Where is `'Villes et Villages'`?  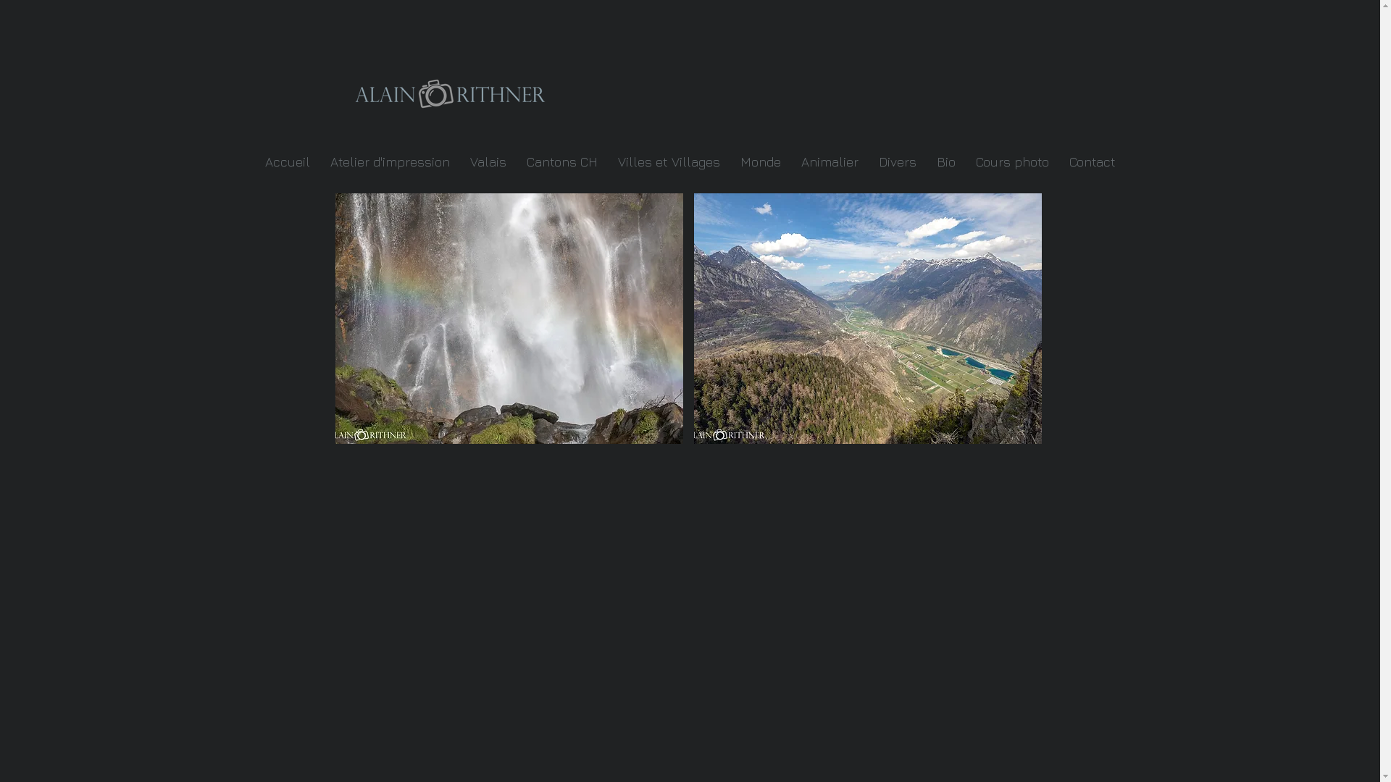
'Villes et Villages' is located at coordinates (667, 161).